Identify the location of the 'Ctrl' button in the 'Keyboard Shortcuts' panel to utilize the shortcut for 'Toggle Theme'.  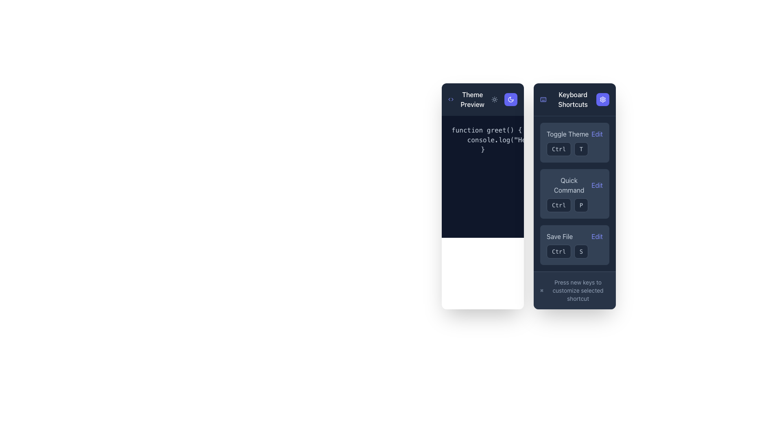
(558, 149).